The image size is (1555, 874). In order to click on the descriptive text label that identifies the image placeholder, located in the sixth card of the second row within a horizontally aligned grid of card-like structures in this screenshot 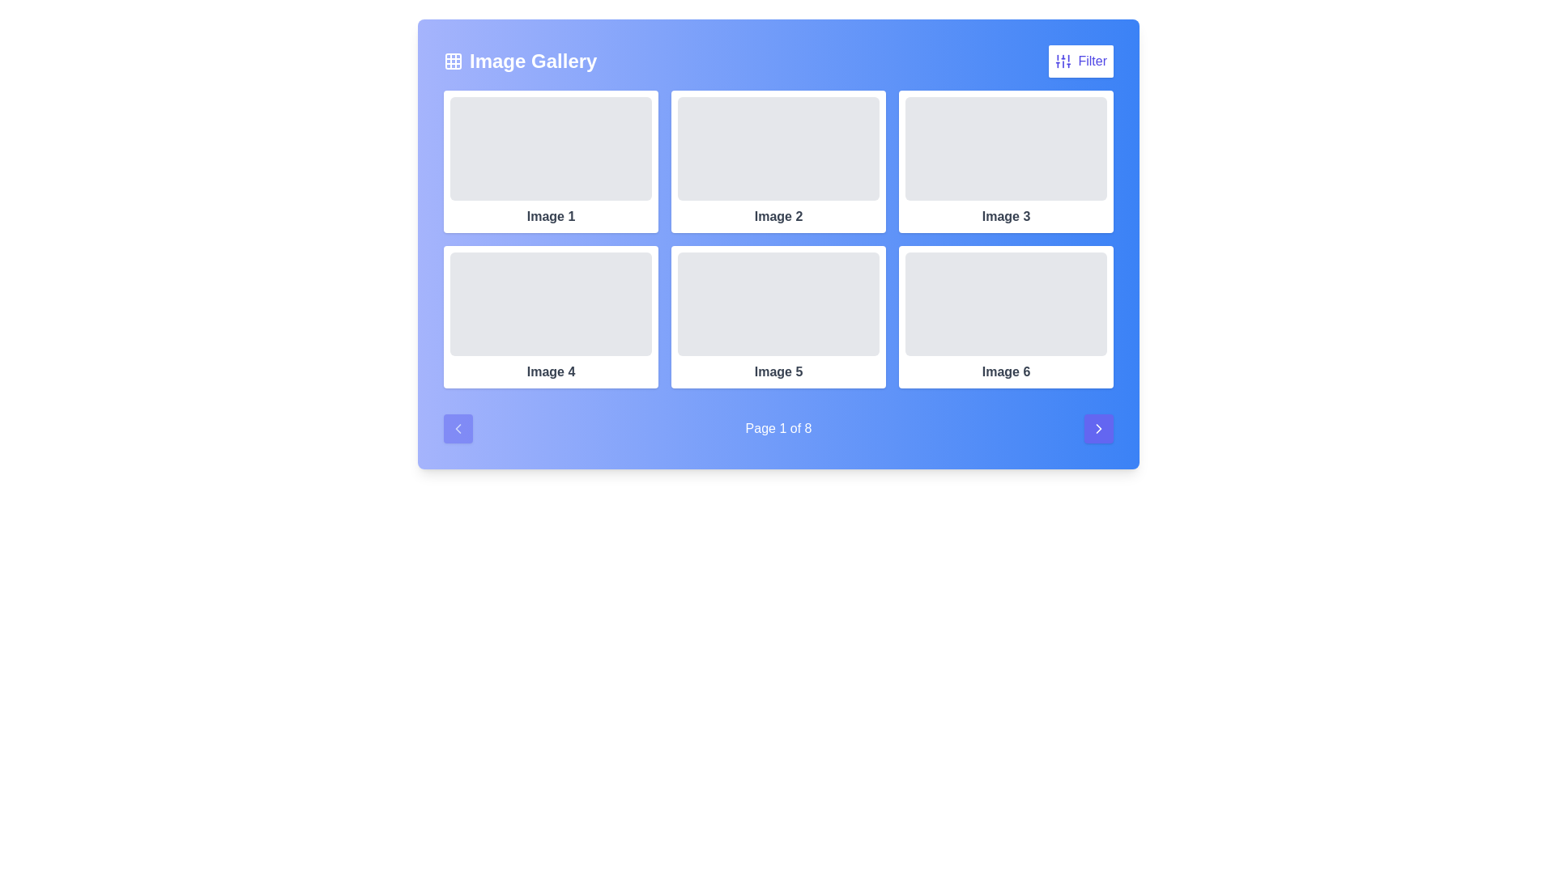, I will do `click(1005, 371)`.